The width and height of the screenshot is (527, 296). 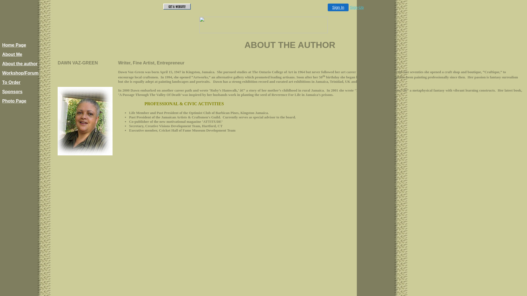 I want to click on 'About Me', so click(x=12, y=54).